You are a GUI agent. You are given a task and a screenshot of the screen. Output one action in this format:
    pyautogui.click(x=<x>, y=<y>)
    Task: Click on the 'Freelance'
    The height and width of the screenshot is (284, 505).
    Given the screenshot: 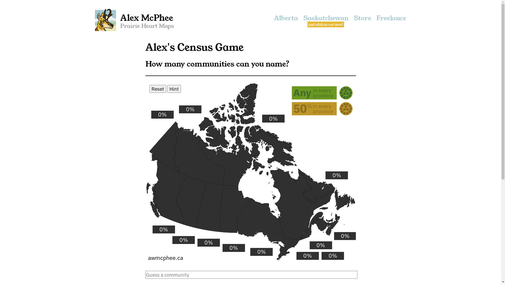 What is the action you would take?
    pyautogui.click(x=376, y=20)
    